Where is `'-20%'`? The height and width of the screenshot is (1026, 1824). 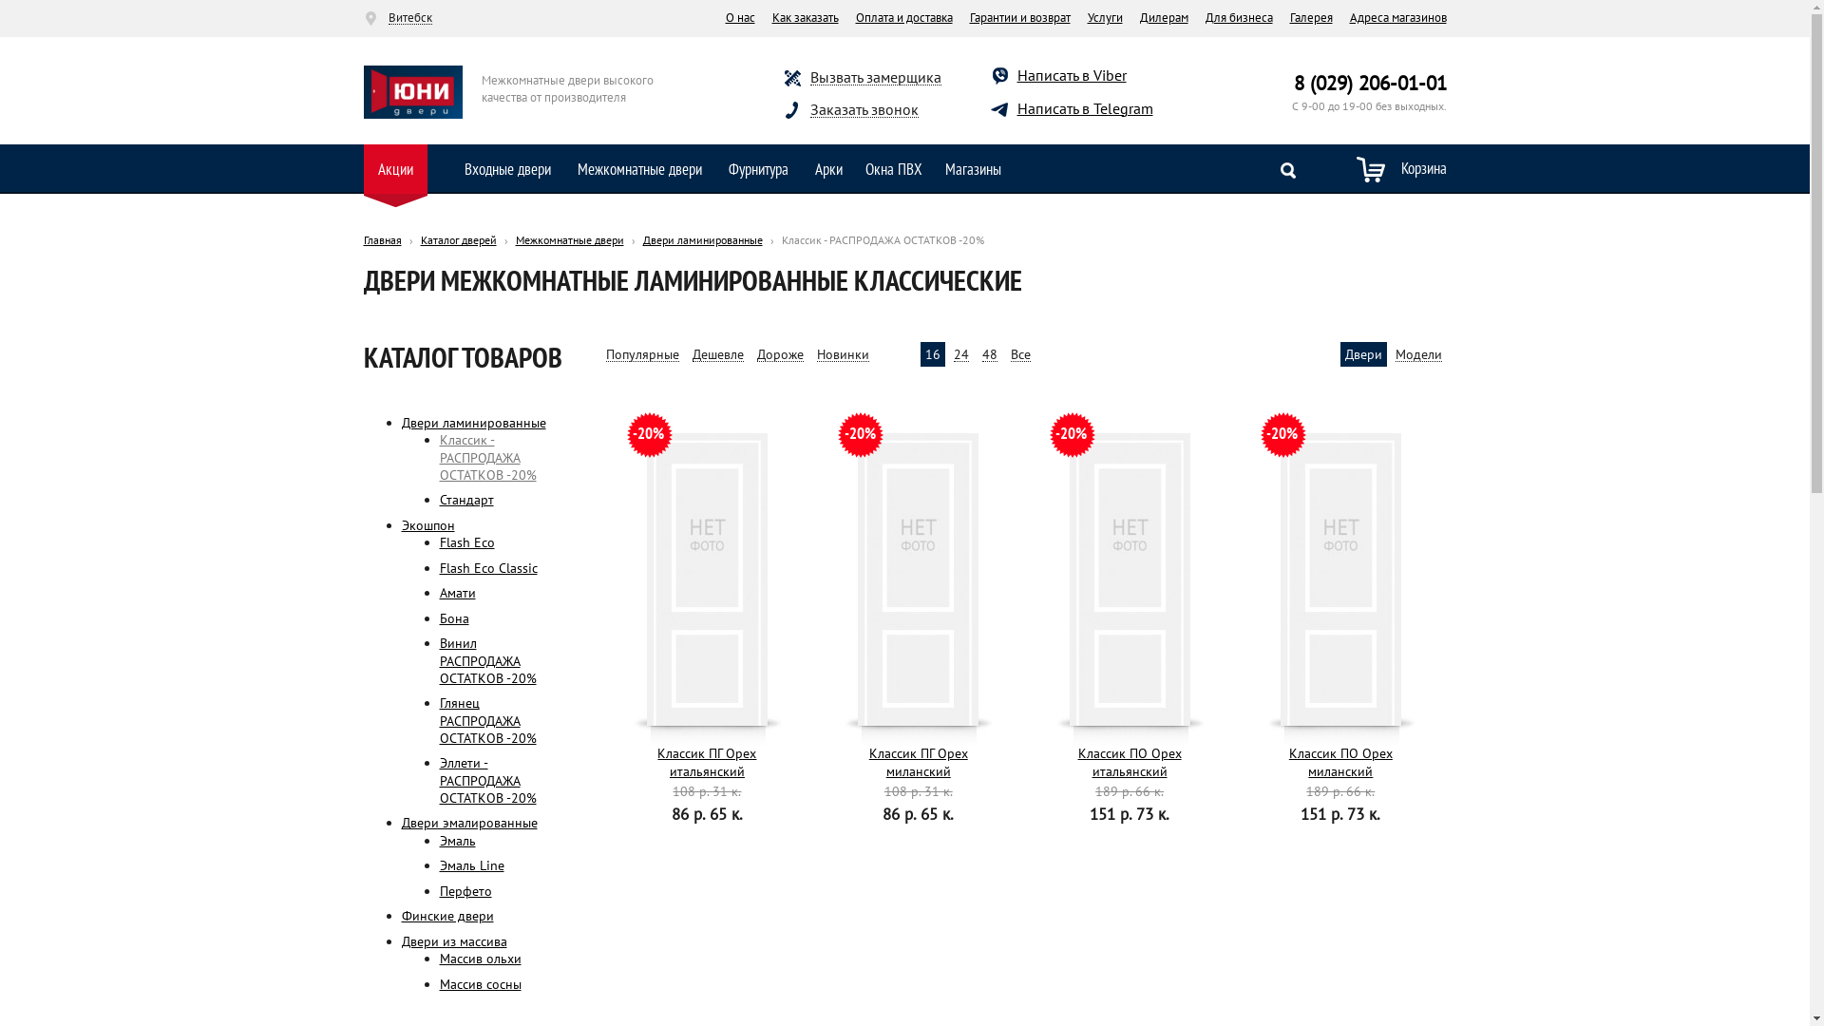
'-20%' is located at coordinates (918, 578).